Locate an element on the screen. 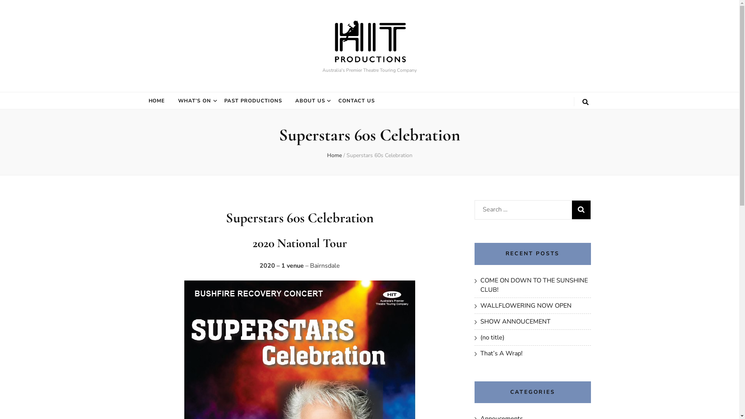 This screenshot has width=745, height=419. '(no title)' is located at coordinates (492, 337).